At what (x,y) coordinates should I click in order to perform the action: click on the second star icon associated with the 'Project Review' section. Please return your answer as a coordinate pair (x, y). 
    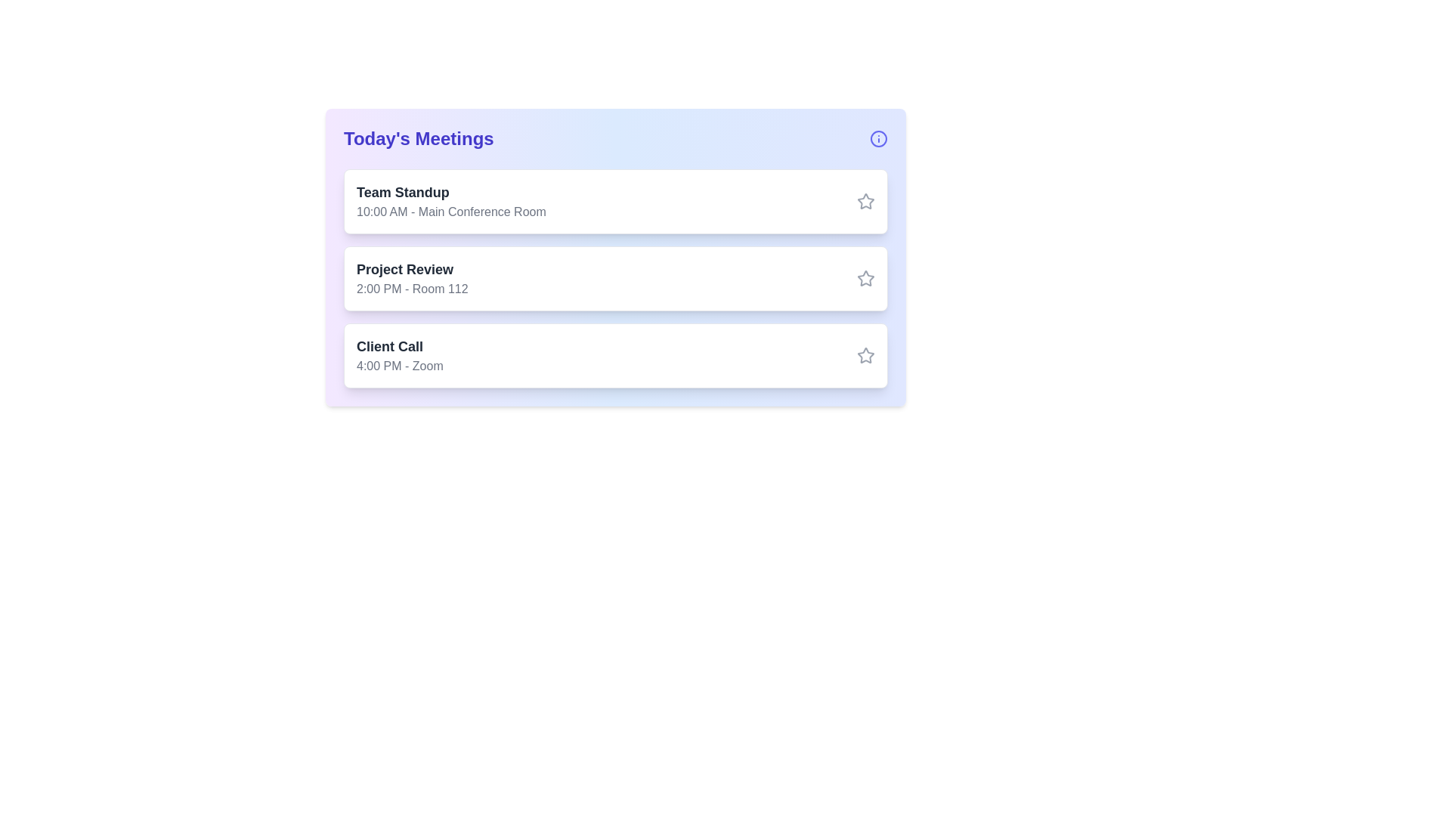
    Looking at the image, I should click on (866, 278).